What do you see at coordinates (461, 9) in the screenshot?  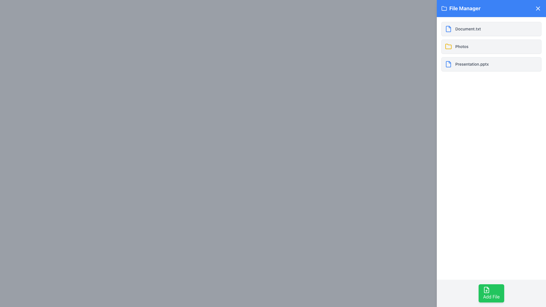 I see `the label located in the blue header bar at the top-left corner of the interface, which serves as a title for the current tool or view` at bounding box center [461, 9].